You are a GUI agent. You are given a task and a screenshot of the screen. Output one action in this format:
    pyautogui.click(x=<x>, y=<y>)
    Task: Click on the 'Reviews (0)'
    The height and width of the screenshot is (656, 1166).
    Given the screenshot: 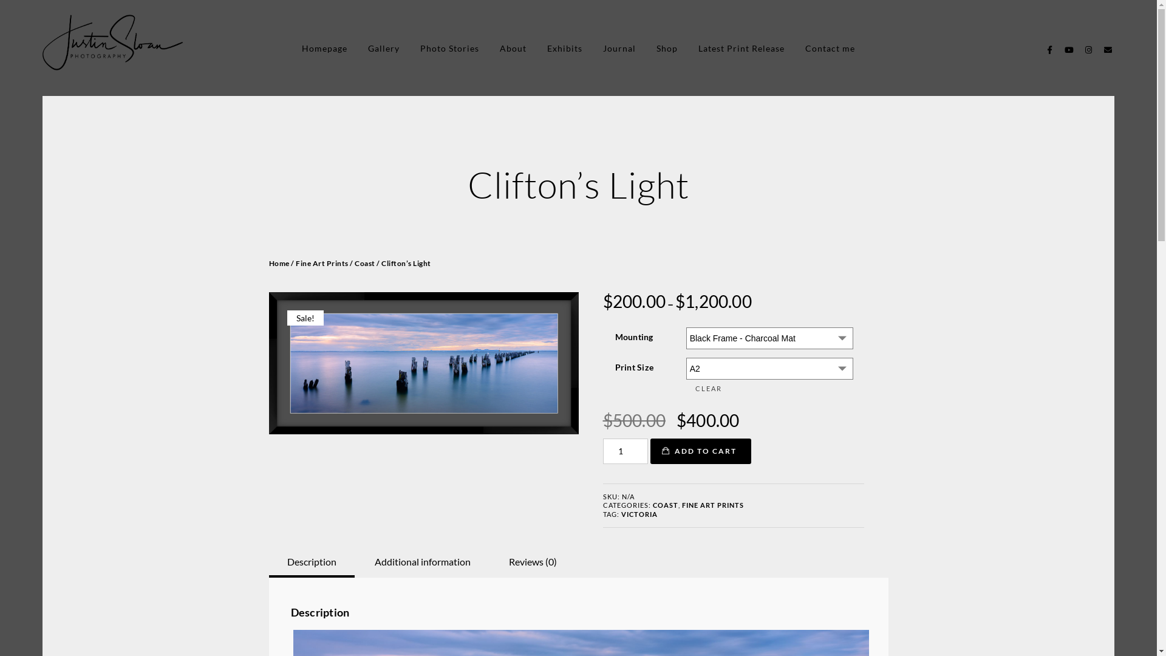 What is the action you would take?
    pyautogui.click(x=533, y=562)
    